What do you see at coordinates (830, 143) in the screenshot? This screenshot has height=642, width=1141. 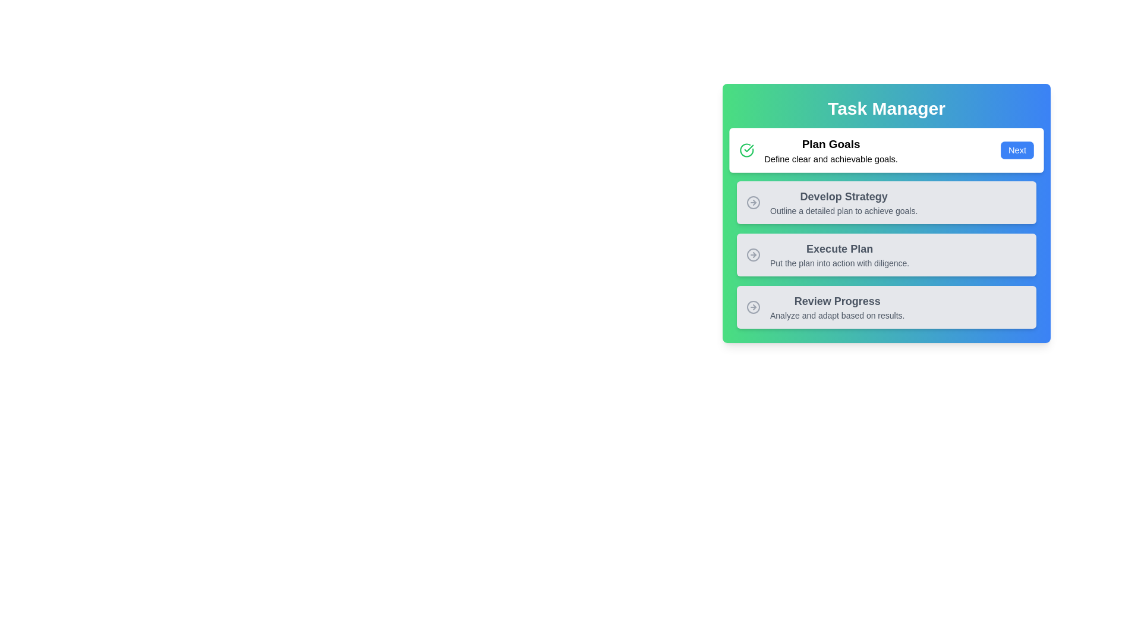 I see `the Text Label that serves as the header for the task section, positioned above the descriptive text 'Define clear and achievable goals.' in the task manager panel` at bounding box center [830, 143].